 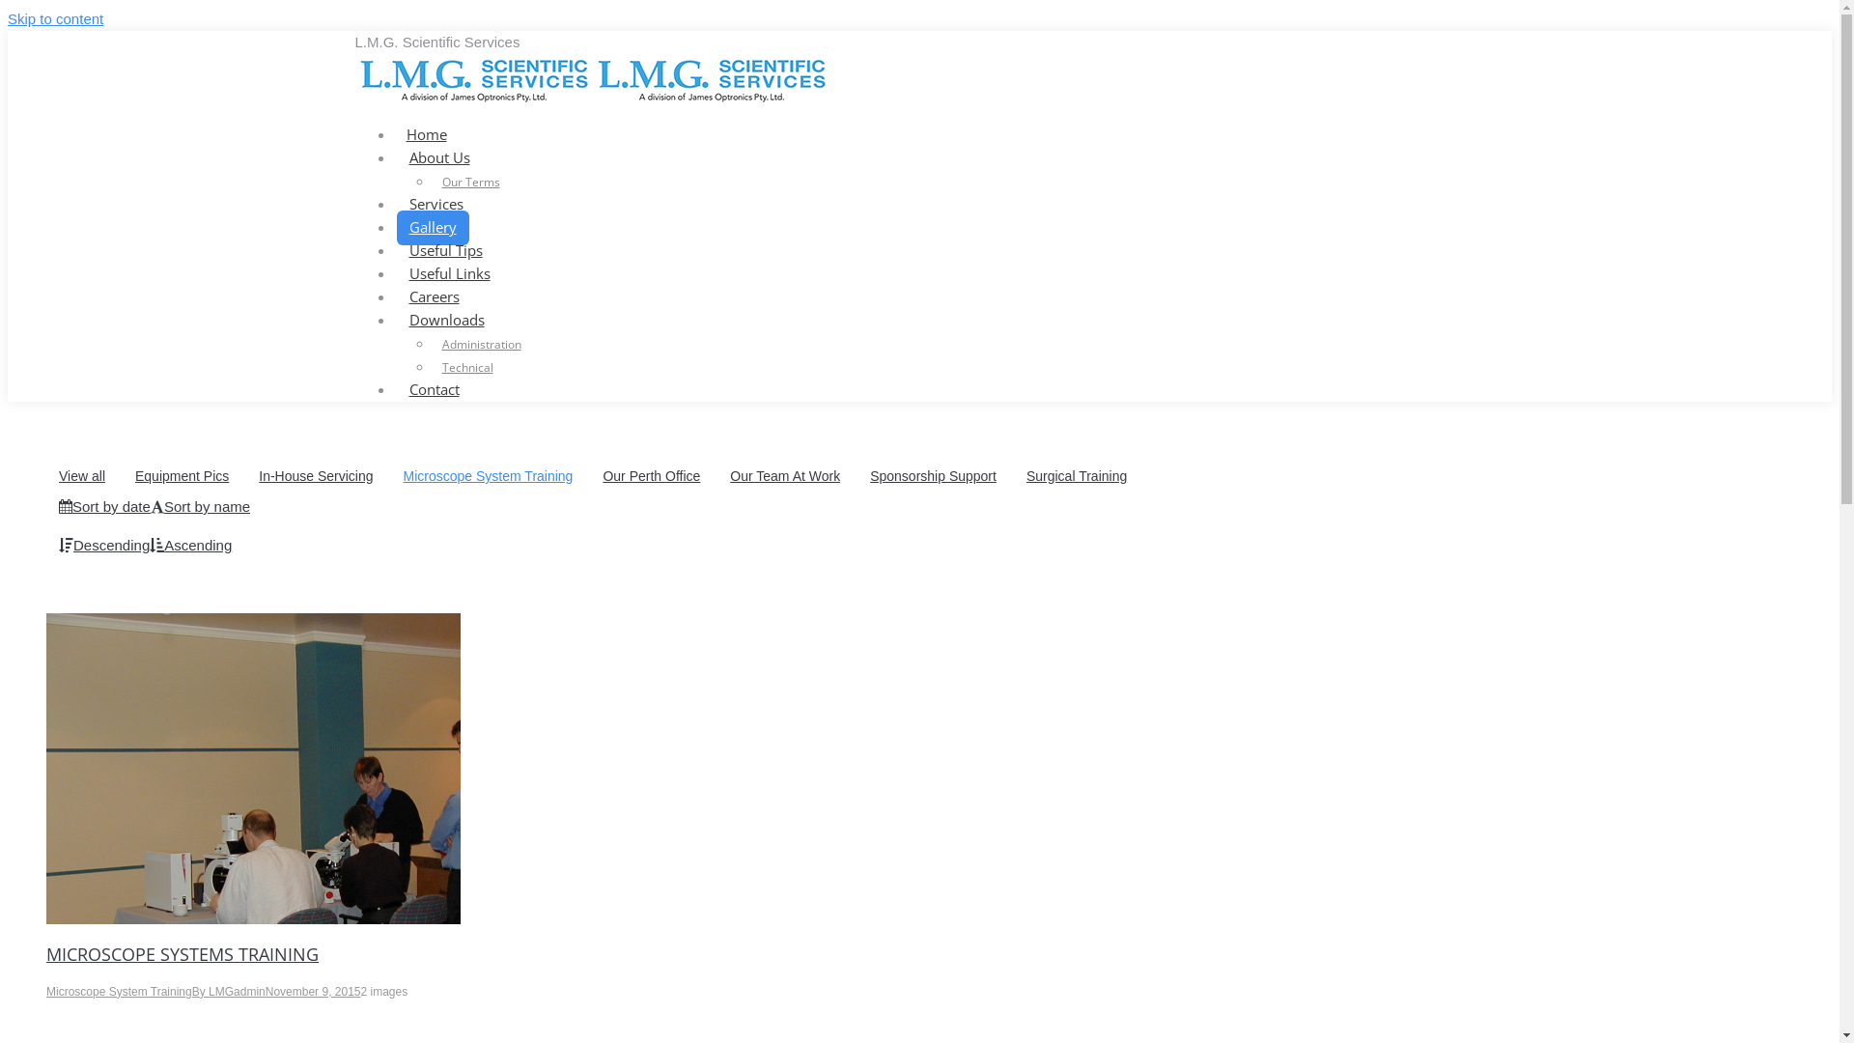 I want to click on 'Sponsorship Support', so click(x=933, y=476).